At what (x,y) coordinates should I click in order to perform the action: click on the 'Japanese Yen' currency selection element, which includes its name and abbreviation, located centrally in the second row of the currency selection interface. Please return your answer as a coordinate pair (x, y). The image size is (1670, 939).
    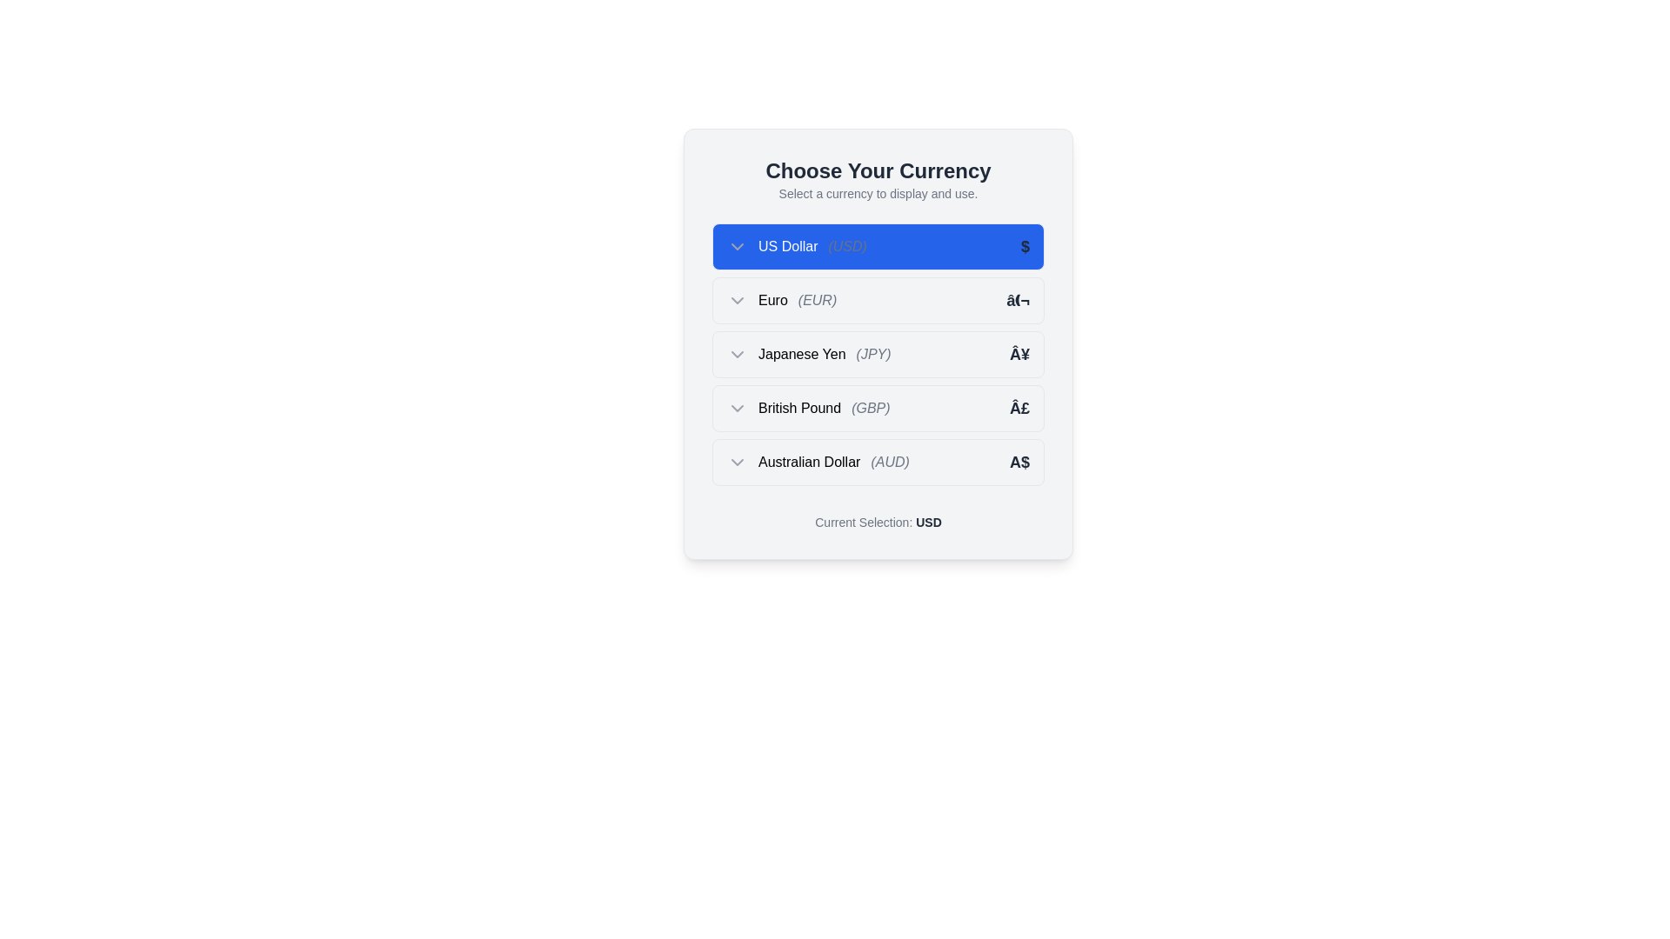
    Looking at the image, I should click on (808, 354).